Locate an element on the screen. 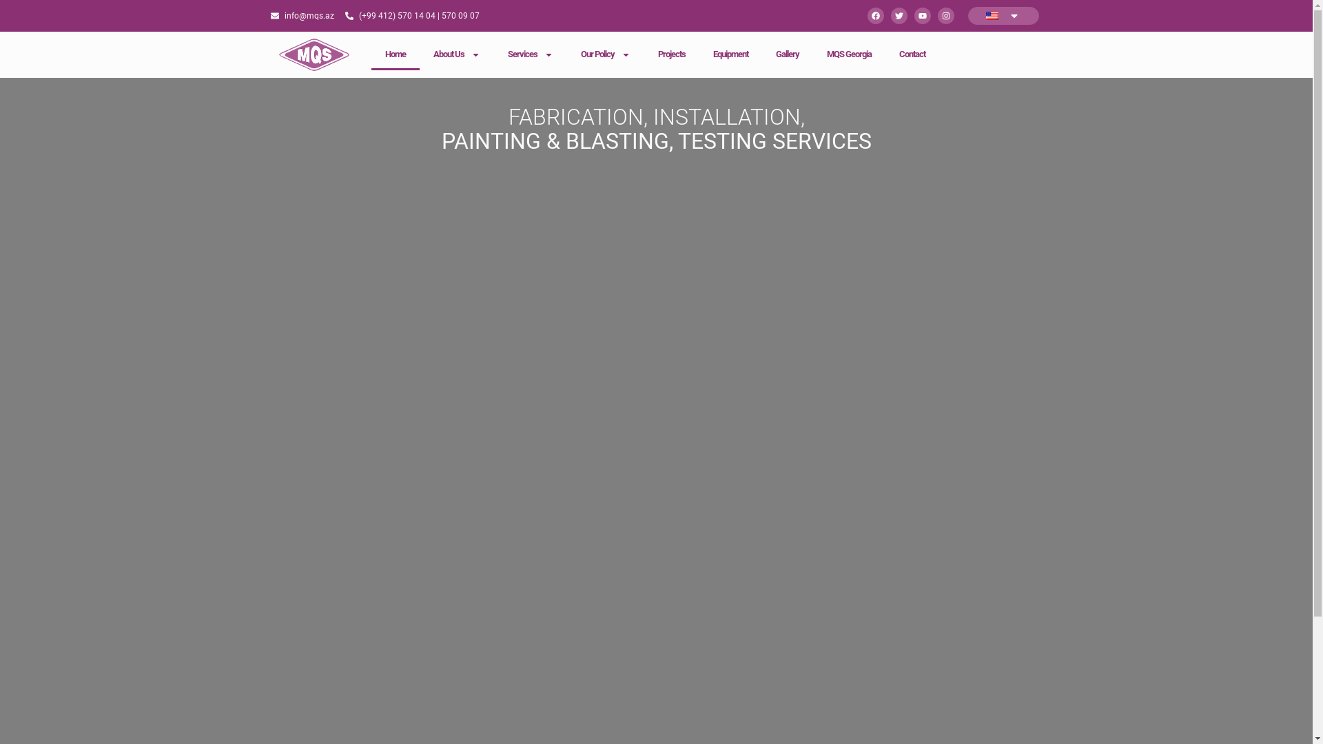 Image resolution: width=1323 pixels, height=744 pixels. 'Gallery' is located at coordinates (787, 53).